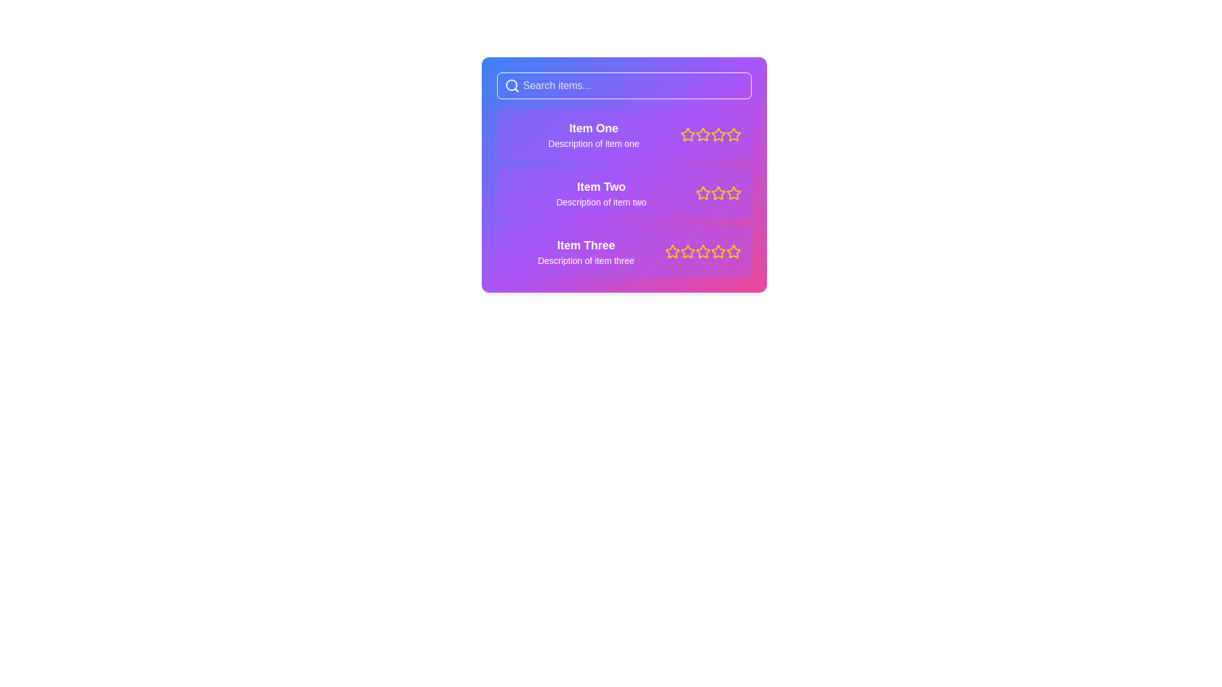 The width and height of the screenshot is (1222, 687). I want to click on text information from the Informational card element displaying details about 'Item Two', which is the second card in a vertical list of similar cards, so click(601, 193).